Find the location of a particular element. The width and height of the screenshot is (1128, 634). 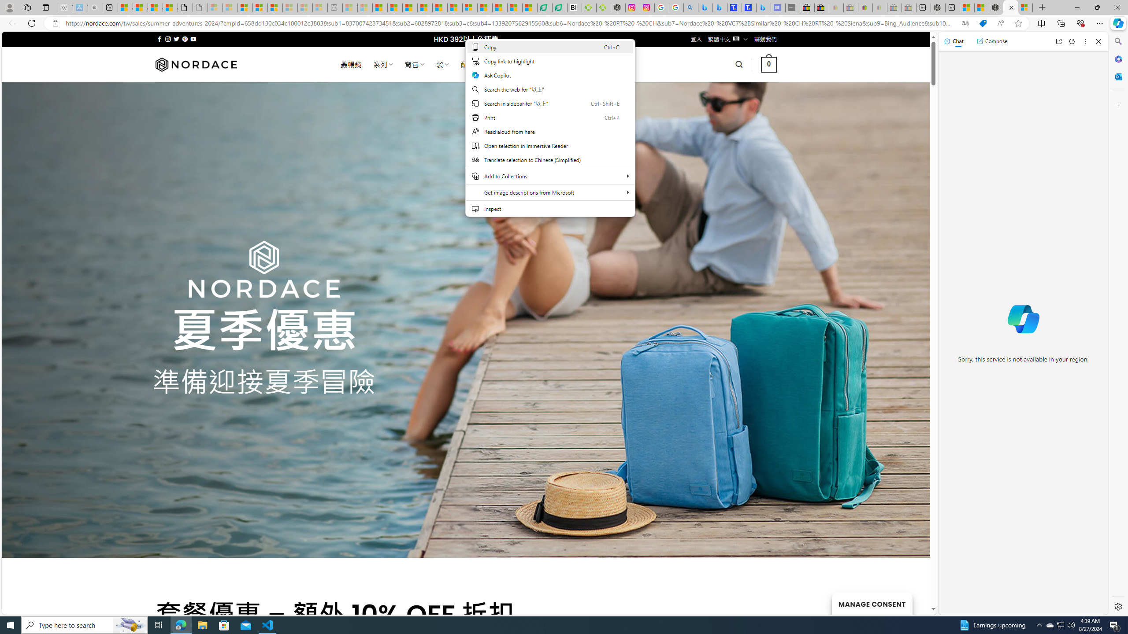

'Microsoft Bing Travel - Flights from Hong Kong to Bangkok' is located at coordinates (705, 7).